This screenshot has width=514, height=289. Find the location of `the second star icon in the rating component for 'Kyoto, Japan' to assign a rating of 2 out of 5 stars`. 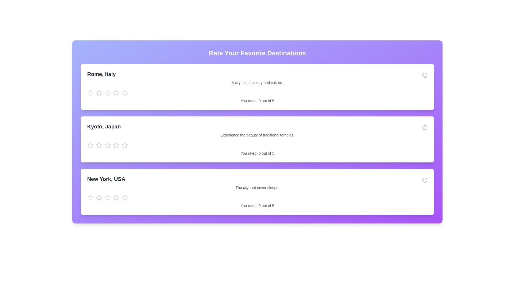

the second star icon in the rating component for 'Kyoto, Japan' to assign a rating of 2 out of 5 stars is located at coordinates (124, 145).